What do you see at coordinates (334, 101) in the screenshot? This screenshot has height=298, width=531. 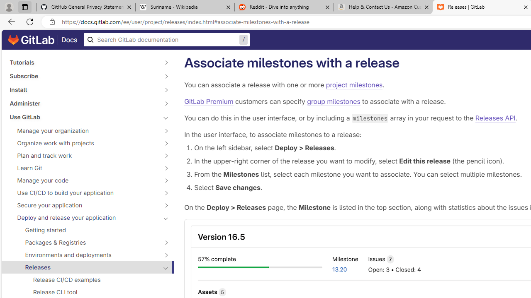 I see `'group milestones'` at bounding box center [334, 101].